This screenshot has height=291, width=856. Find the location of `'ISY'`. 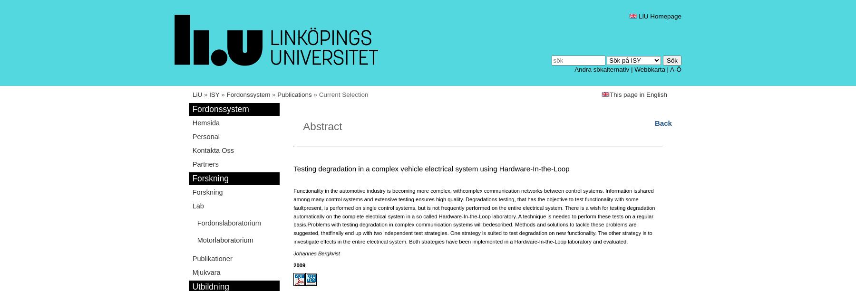

'ISY' is located at coordinates (209, 94).